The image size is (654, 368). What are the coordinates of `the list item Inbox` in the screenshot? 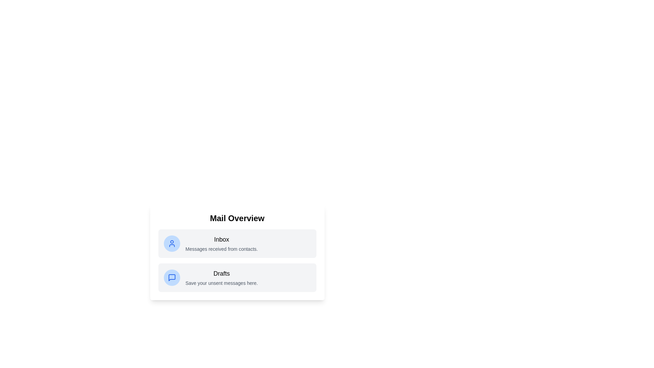 It's located at (237, 243).